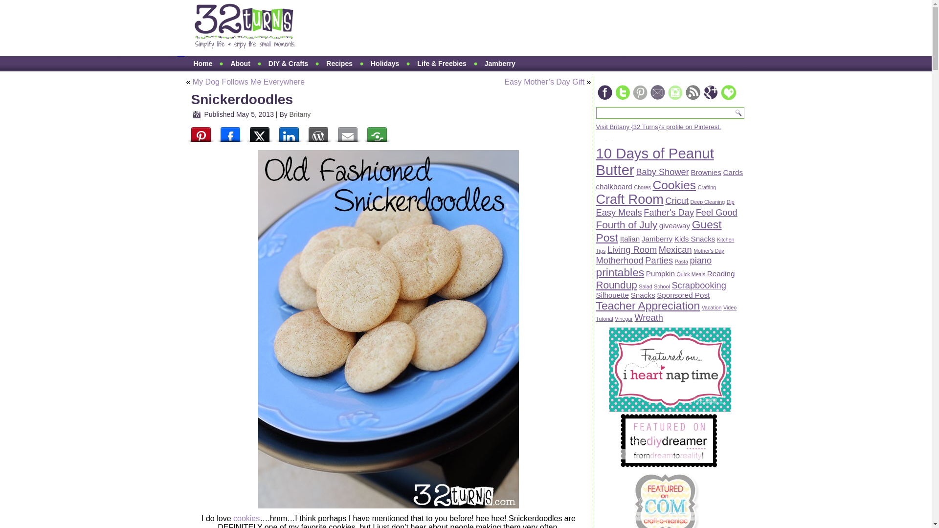 The image size is (939, 528). I want to click on 'Mother's Day', so click(709, 250).